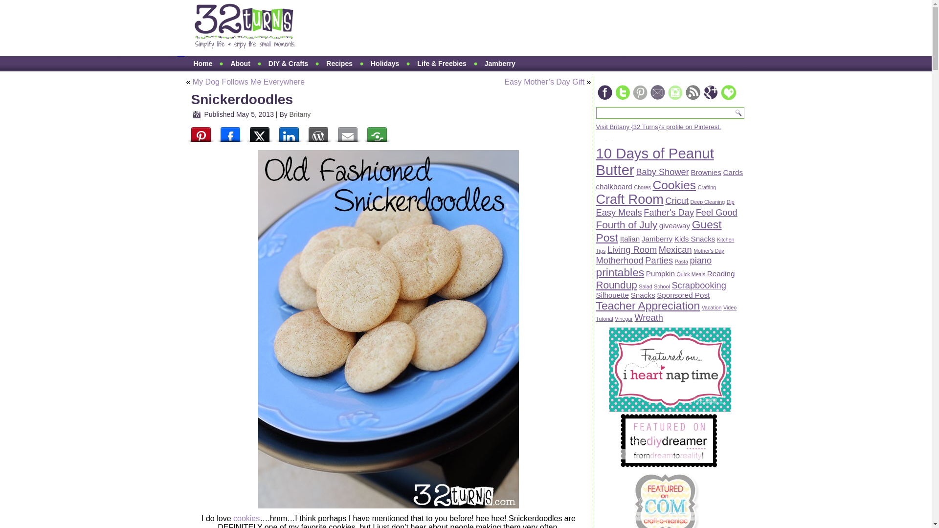 The image size is (939, 528). I want to click on 'Mother's Day', so click(709, 250).